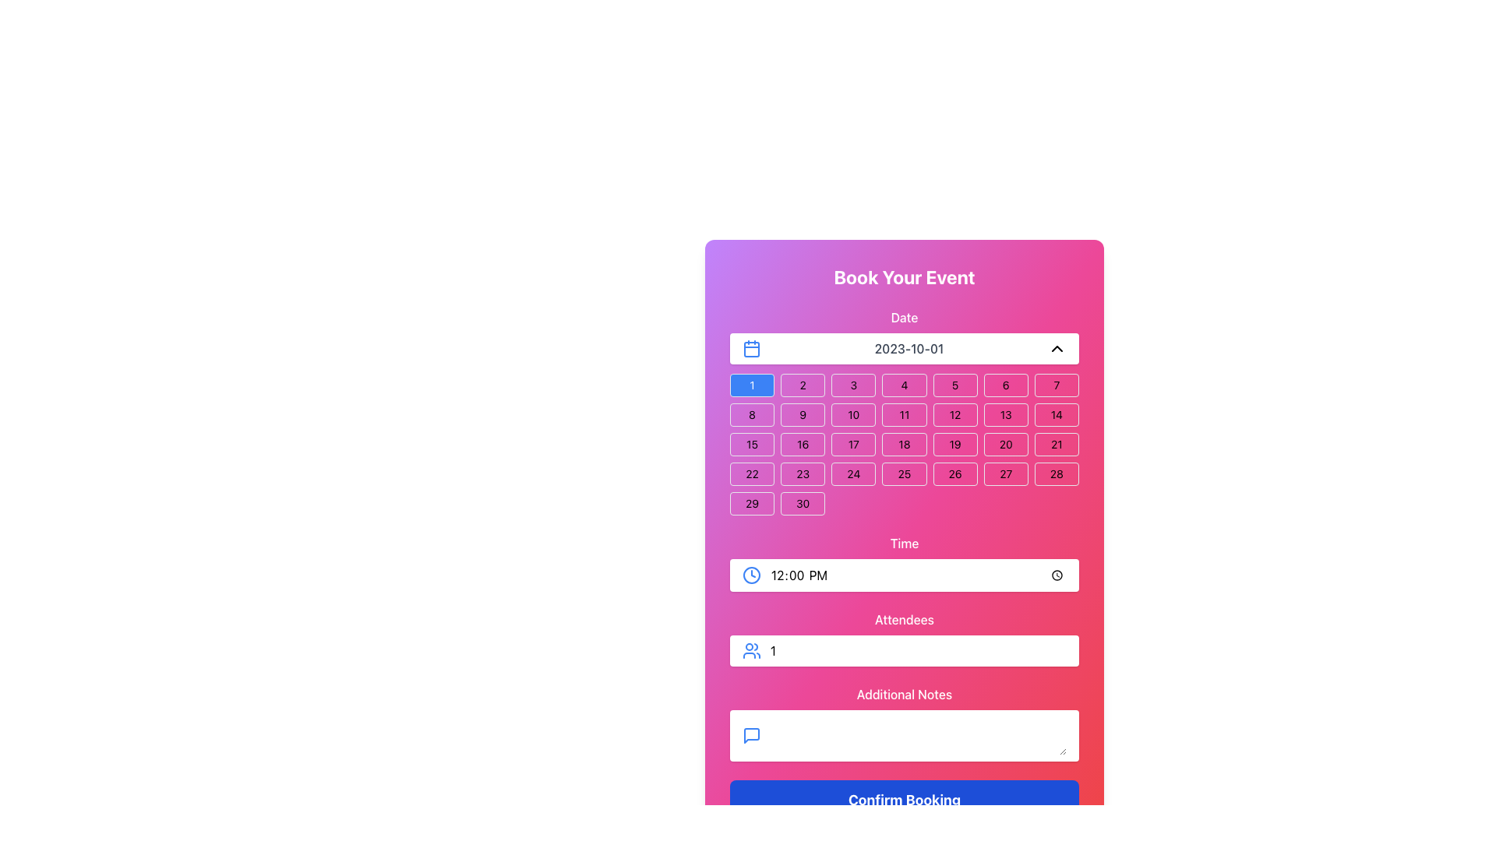  I want to click on the numeric input field labeled 'Attendees' to change the number, so click(905, 639).